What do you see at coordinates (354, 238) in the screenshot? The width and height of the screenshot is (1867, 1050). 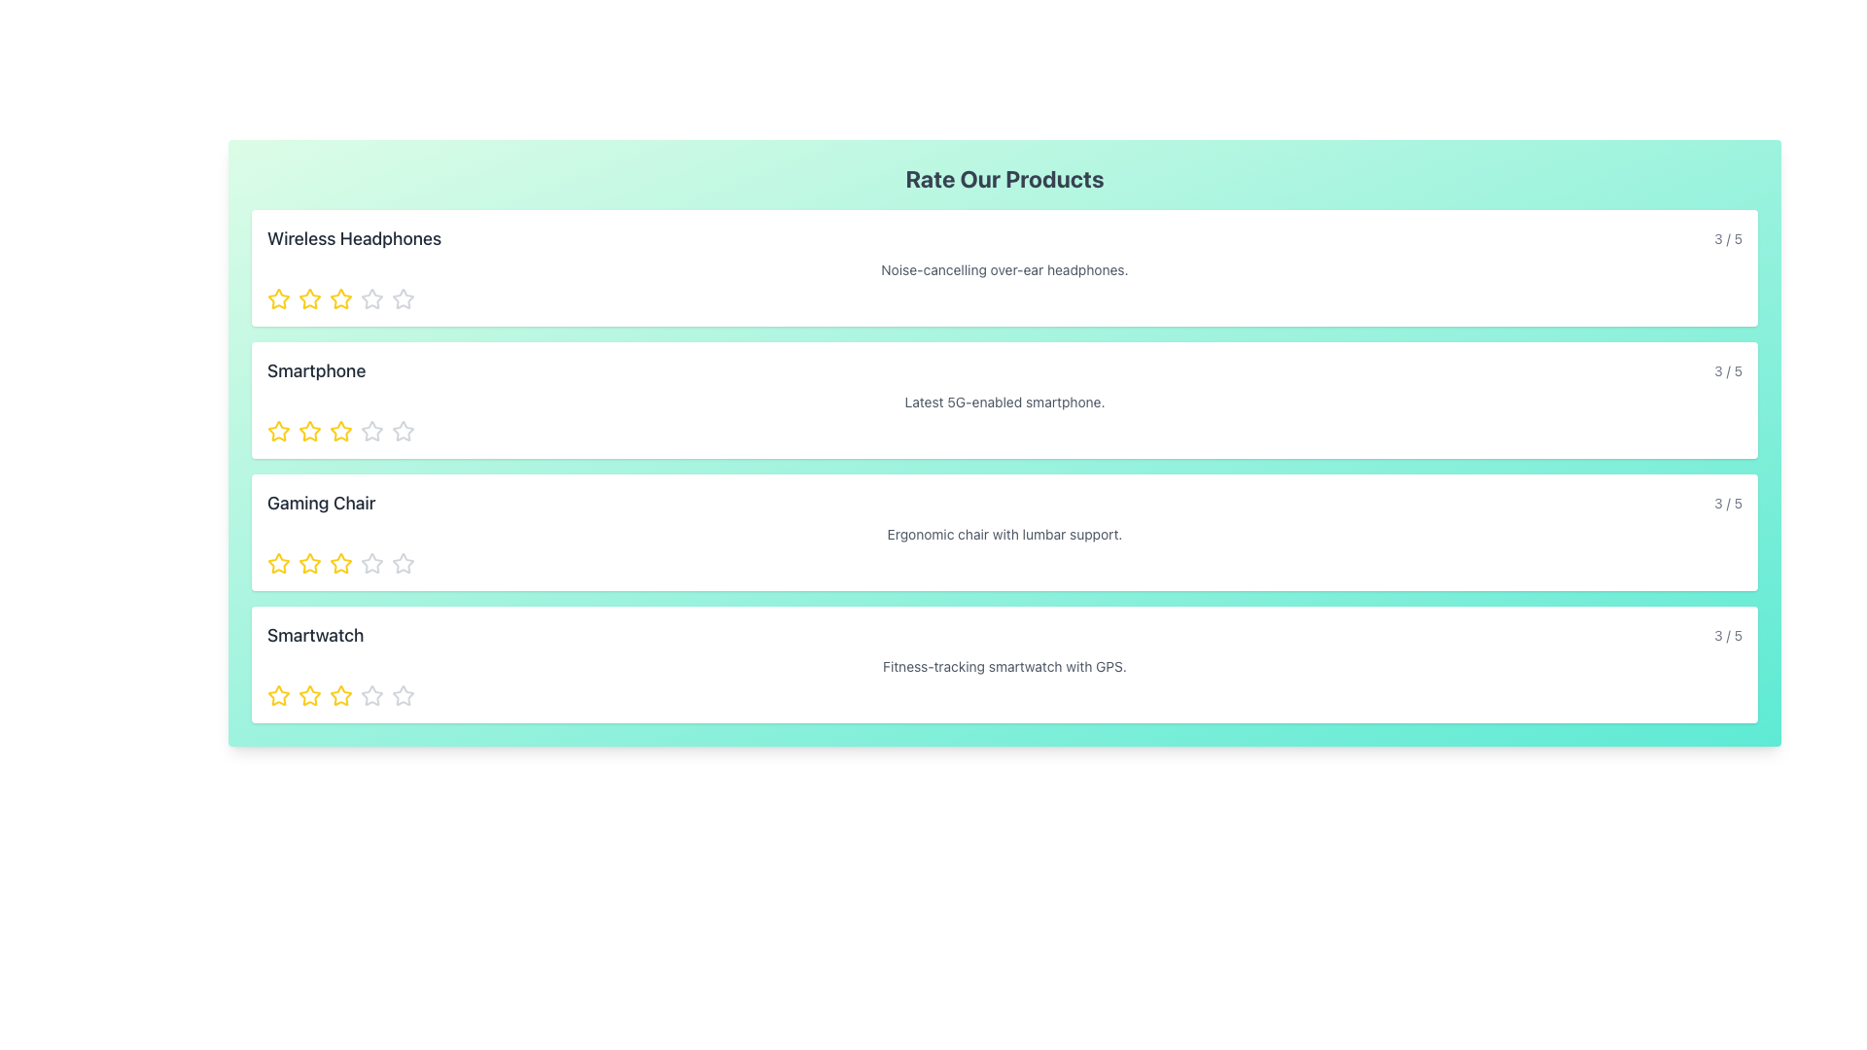 I see `the text label displaying the title 'Wireless Headphones', which is styled with a medium font weight and a large font size, positioned in the first row of the product rating interface` at bounding box center [354, 238].